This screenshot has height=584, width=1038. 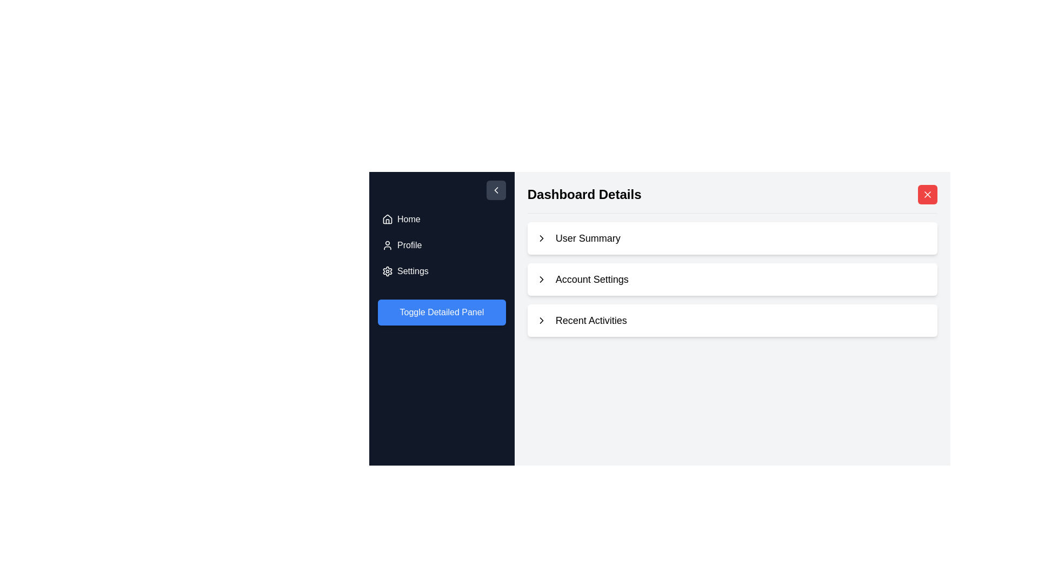 I want to click on the 'Account Settings' button, which is a horizontally elongated rectangular box with a white background and rounded corners, located as the second entry in a vertically stacked list, so click(x=732, y=278).